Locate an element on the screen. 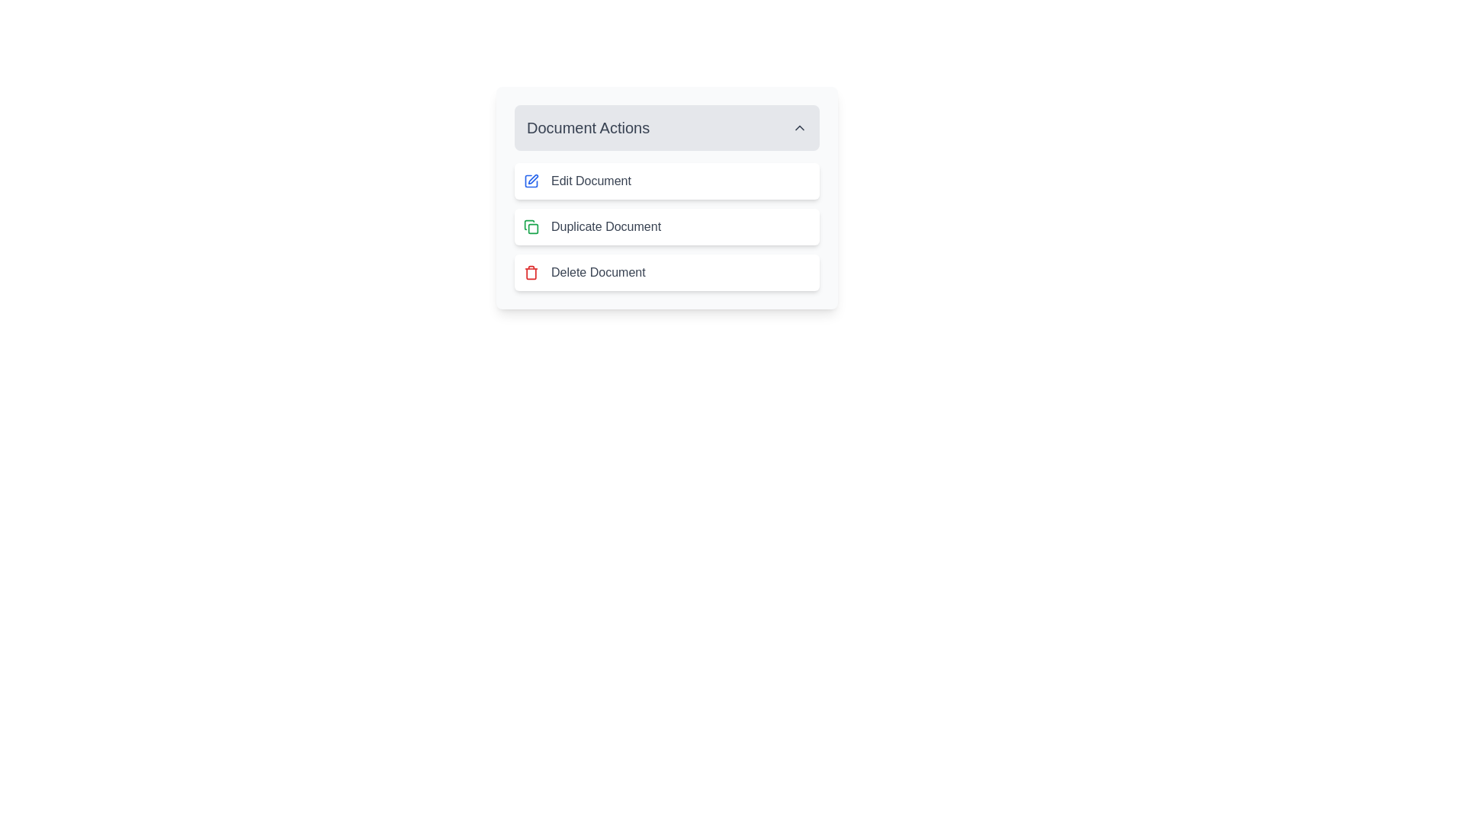 Image resolution: width=1464 pixels, height=823 pixels. the 'Duplicate Document' text label within the button-like menu item is located at coordinates (605, 226).